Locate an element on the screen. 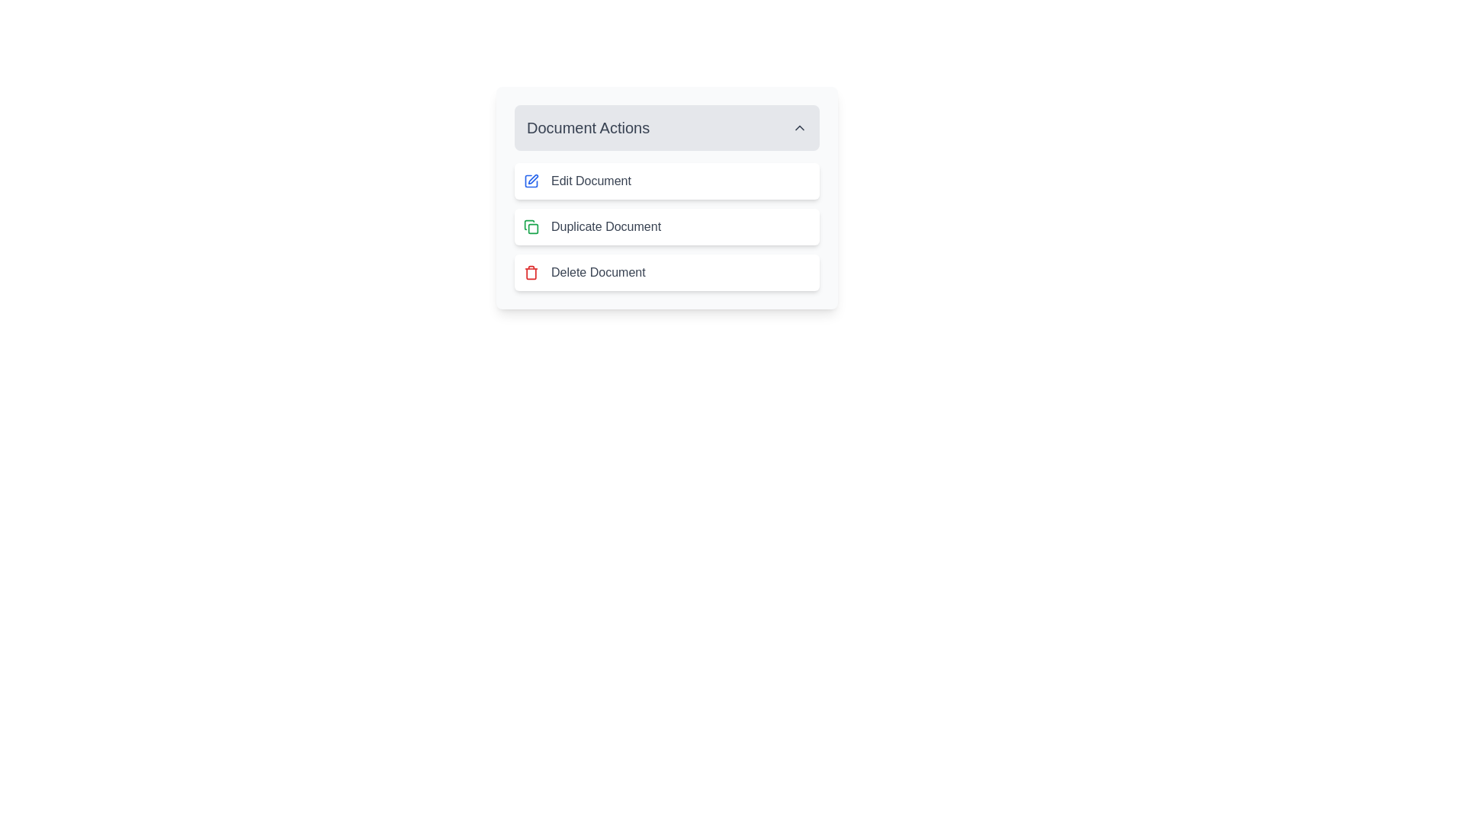 Image resolution: width=1464 pixels, height=823 pixels. the 'Duplicate Document' text label within the button-like menu item is located at coordinates (605, 226).